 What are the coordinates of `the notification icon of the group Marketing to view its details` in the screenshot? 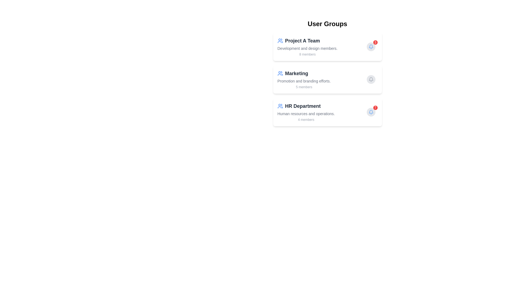 It's located at (371, 79).